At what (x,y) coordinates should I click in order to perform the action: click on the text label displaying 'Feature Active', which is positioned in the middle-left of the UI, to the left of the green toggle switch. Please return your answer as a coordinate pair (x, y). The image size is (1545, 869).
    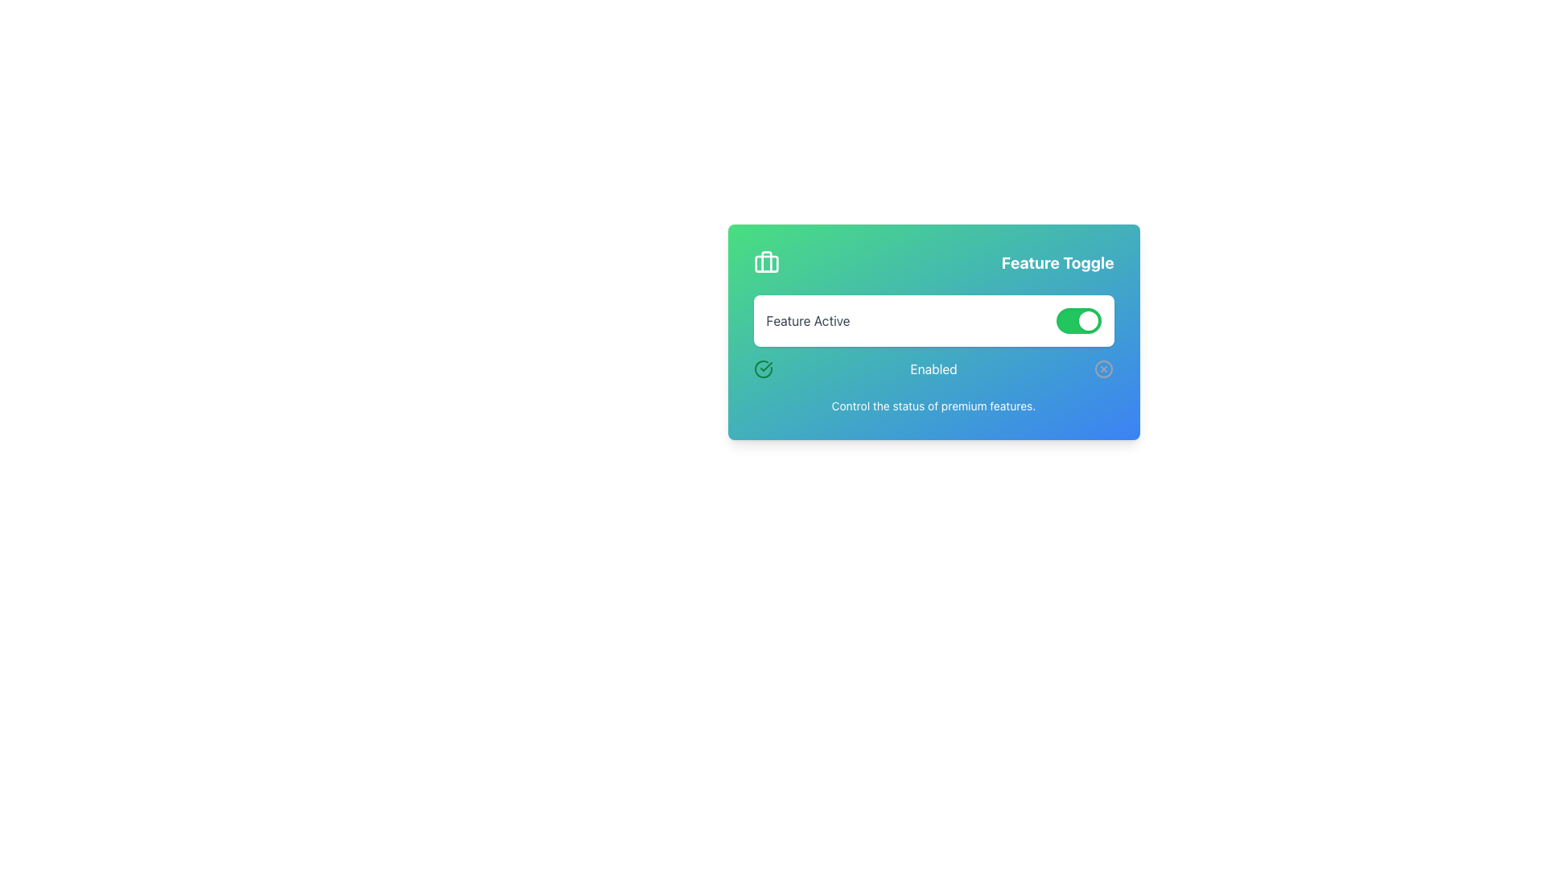
    Looking at the image, I should click on (808, 320).